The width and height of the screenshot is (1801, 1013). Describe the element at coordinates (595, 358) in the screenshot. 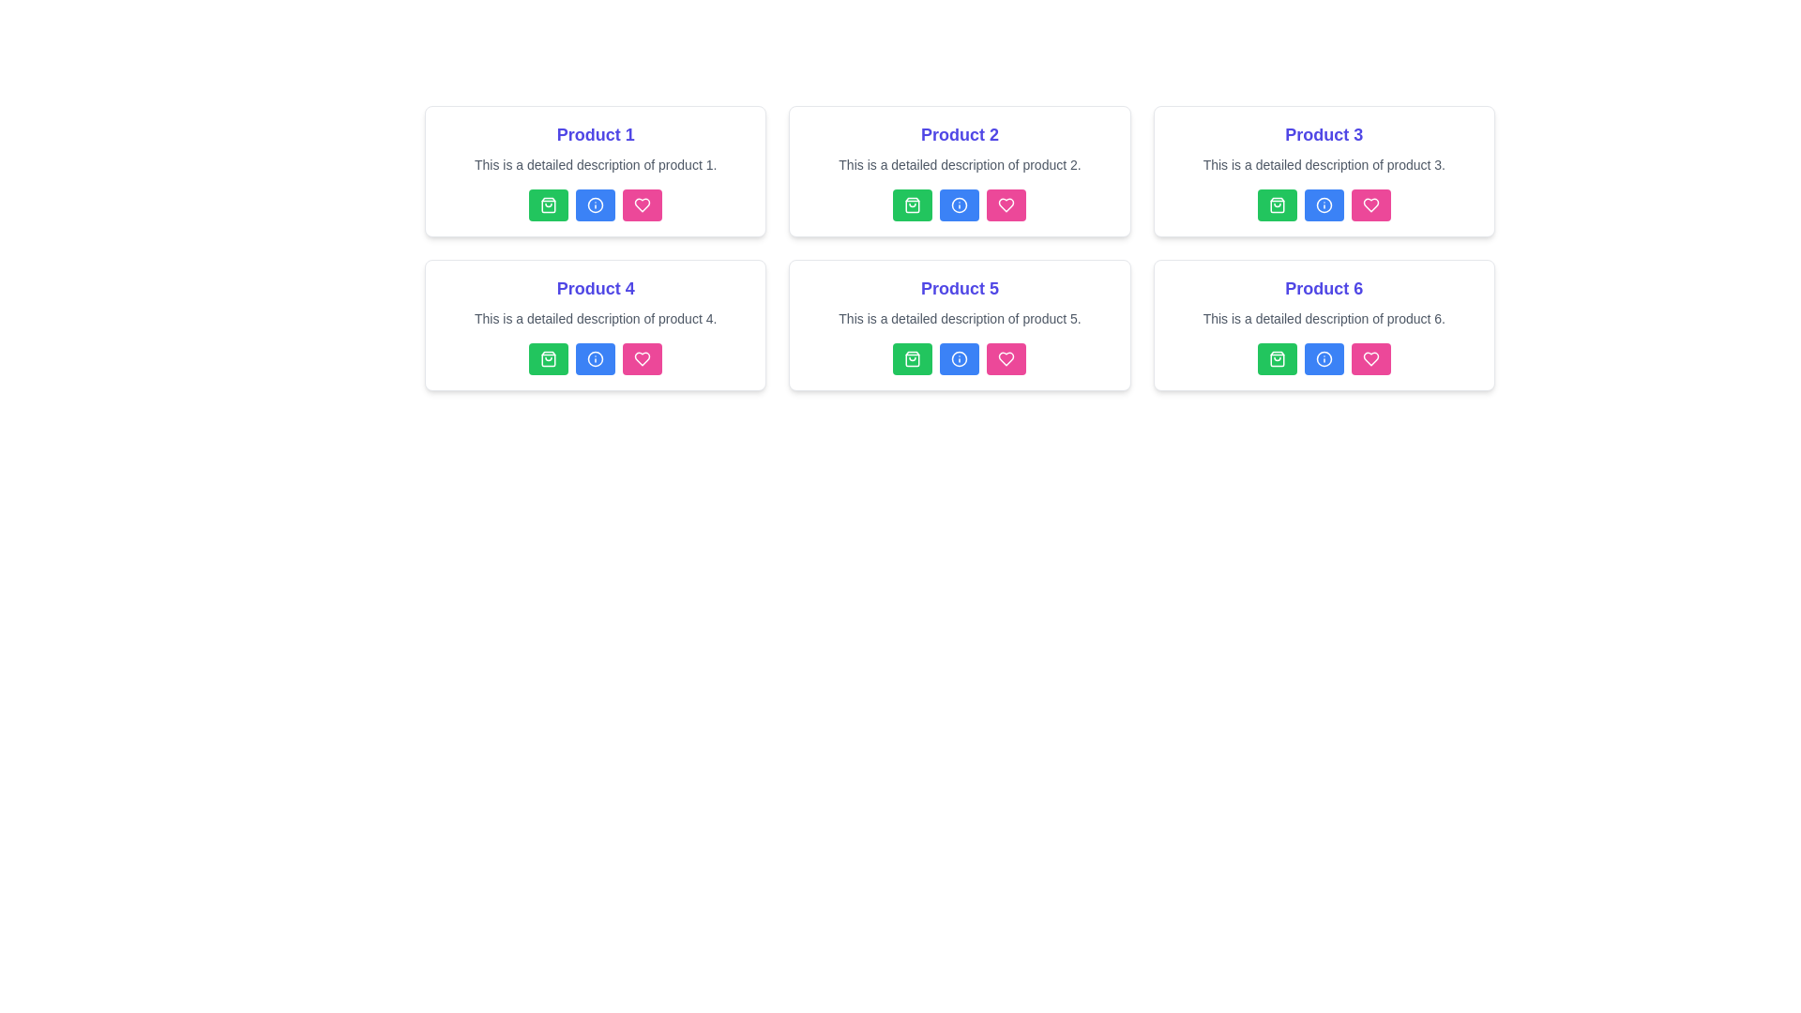

I see `the second button in the horizontal series of three buttons located beneath the description of 'Product 4'` at that location.